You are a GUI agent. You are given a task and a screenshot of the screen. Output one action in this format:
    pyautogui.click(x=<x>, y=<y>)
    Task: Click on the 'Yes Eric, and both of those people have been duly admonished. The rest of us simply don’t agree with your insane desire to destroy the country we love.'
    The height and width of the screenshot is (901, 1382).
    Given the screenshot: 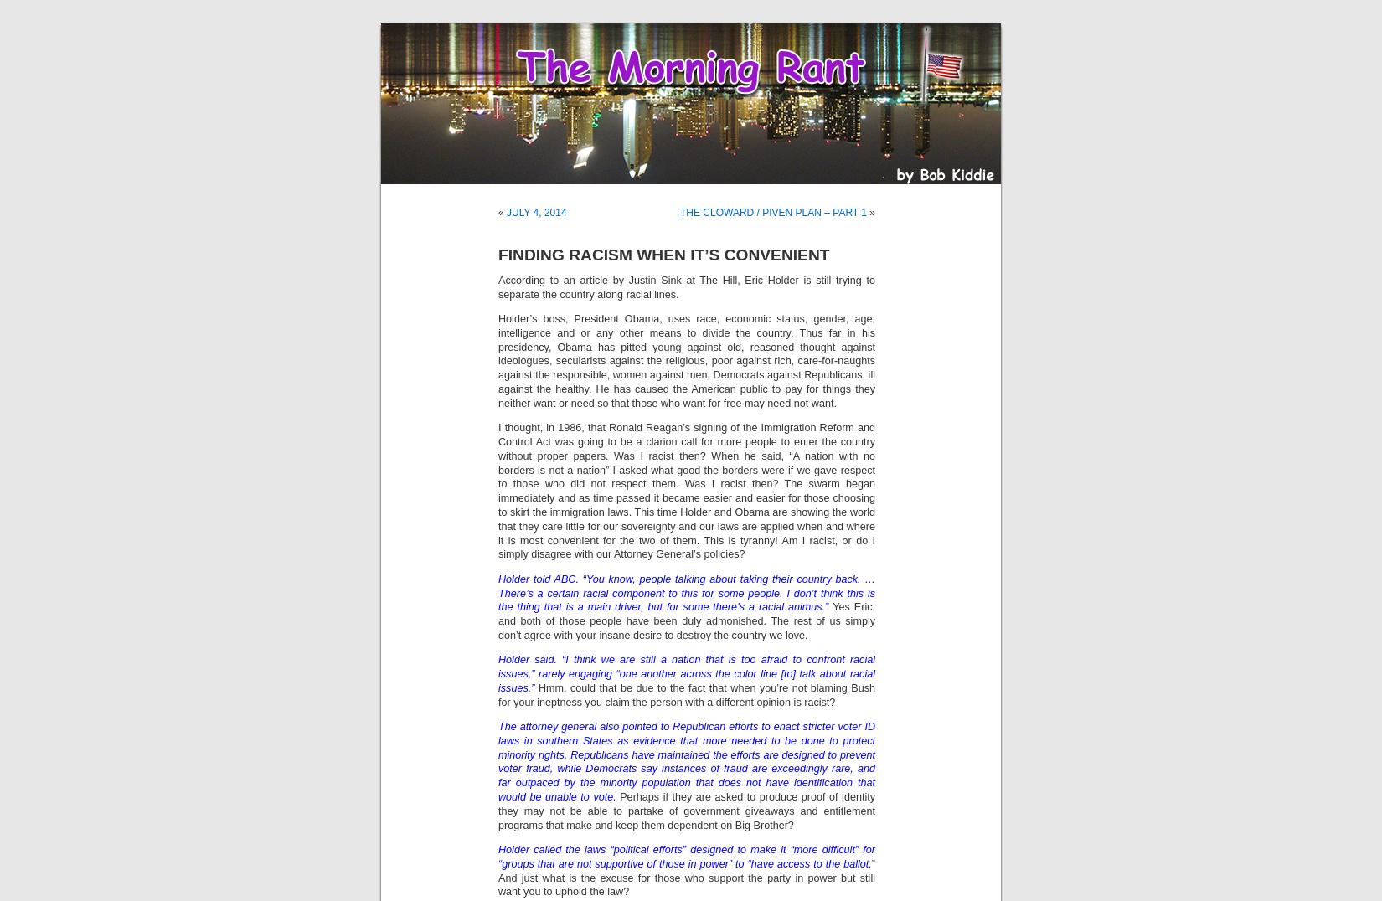 What is the action you would take?
    pyautogui.click(x=497, y=620)
    